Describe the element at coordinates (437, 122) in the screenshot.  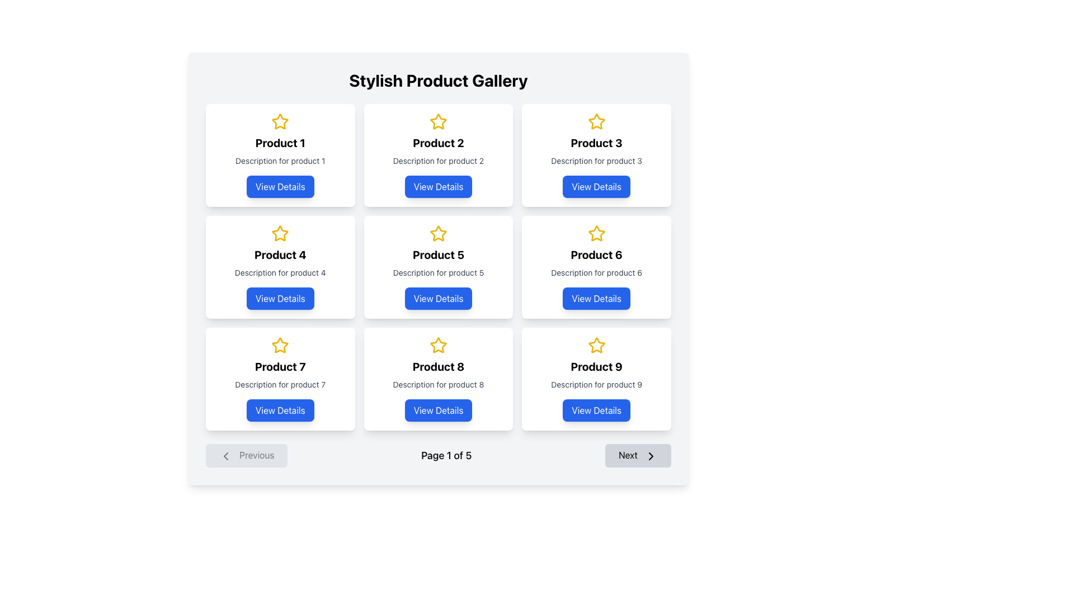
I see `the star icon representing the rating or favorite status for 'Product 2', located at the top of its card` at that location.